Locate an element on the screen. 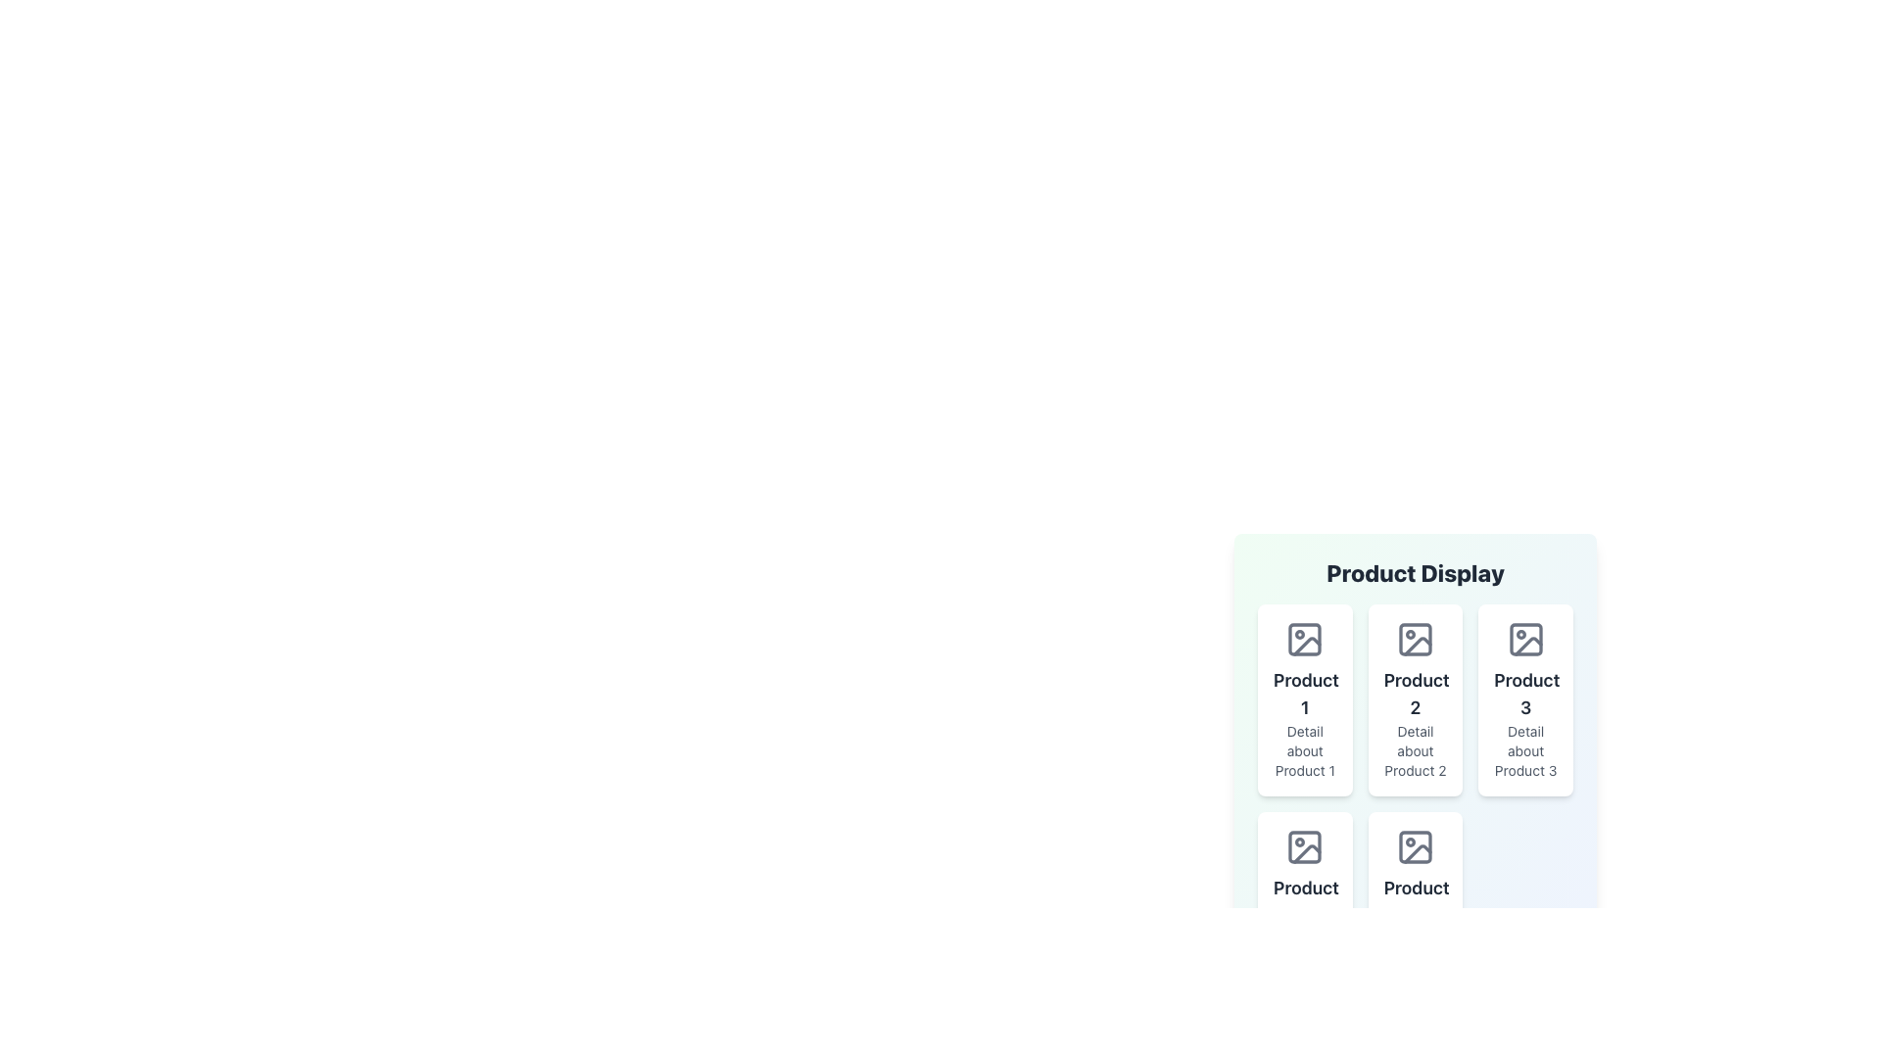 The width and height of the screenshot is (1881, 1058). the bolded text label displaying 'Product Display', which is styled with a large font size and centered alignment, located at the top center of a card-like layout is located at coordinates (1415, 573).